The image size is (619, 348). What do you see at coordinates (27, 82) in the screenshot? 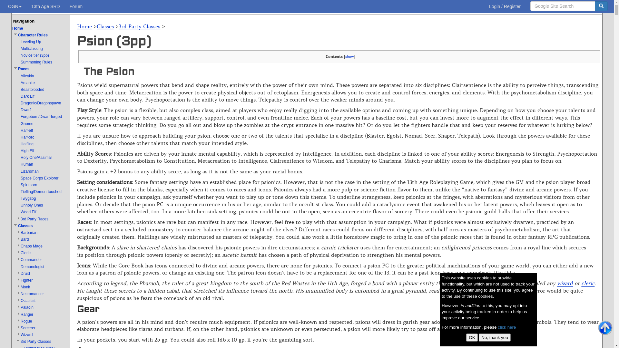
I see `'Arcanite'` at bounding box center [27, 82].